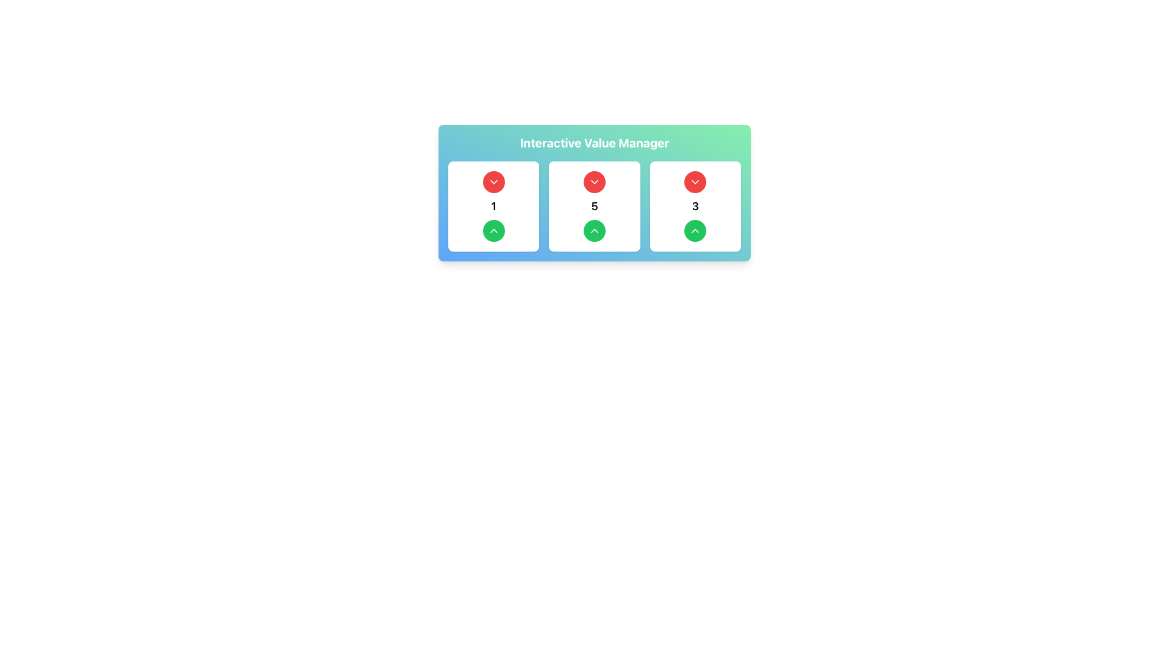 This screenshot has height=658, width=1171. What do you see at coordinates (594, 206) in the screenshot?
I see `the increment button located above the second numbered panel of the Interactive Value Manager grid to increase the displayed value` at bounding box center [594, 206].